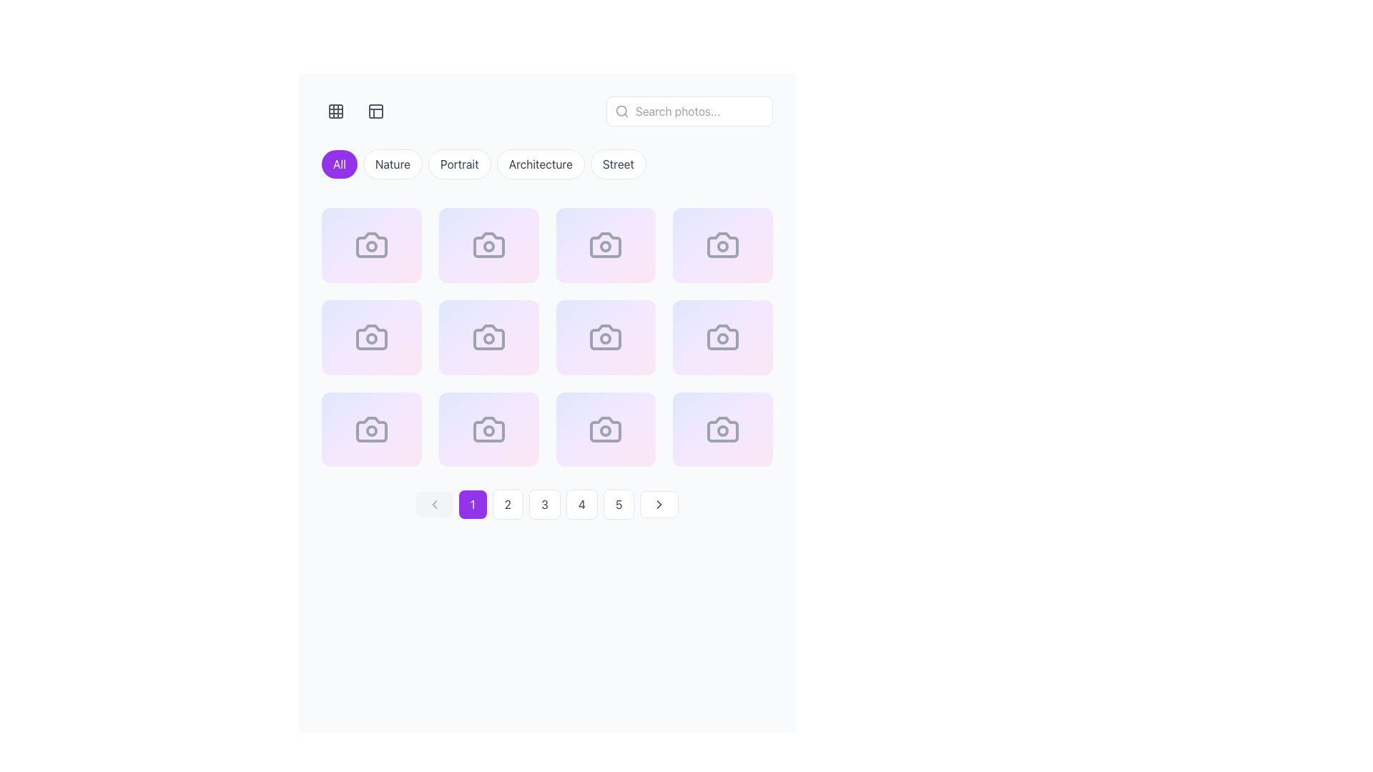 Image resolution: width=1373 pixels, height=772 pixels. What do you see at coordinates (618, 164) in the screenshot?
I see `the fifth button in the top center row` at bounding box center [618, 164].